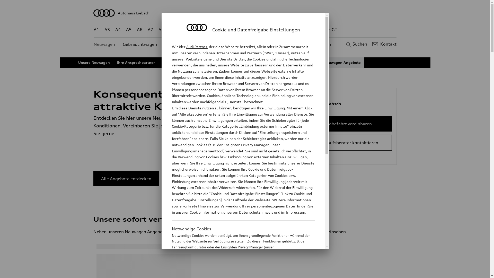 This screenshot has width=494, height=278. Describe the element at coordinates (356, 44) in the screenshot. I see `'Suchen'` at that location.